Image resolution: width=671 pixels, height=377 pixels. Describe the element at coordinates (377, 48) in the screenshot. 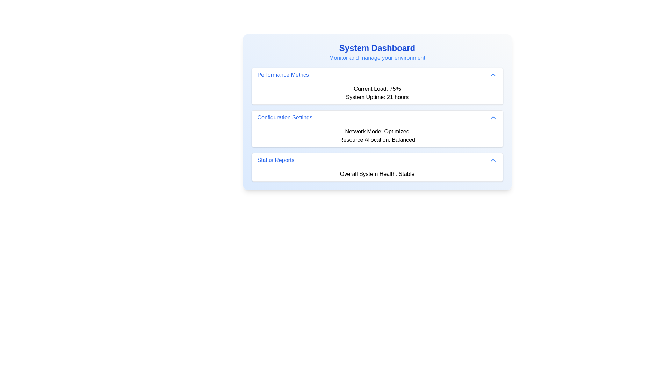

I see `the title text labeled 'System Dashboard'` at that location.